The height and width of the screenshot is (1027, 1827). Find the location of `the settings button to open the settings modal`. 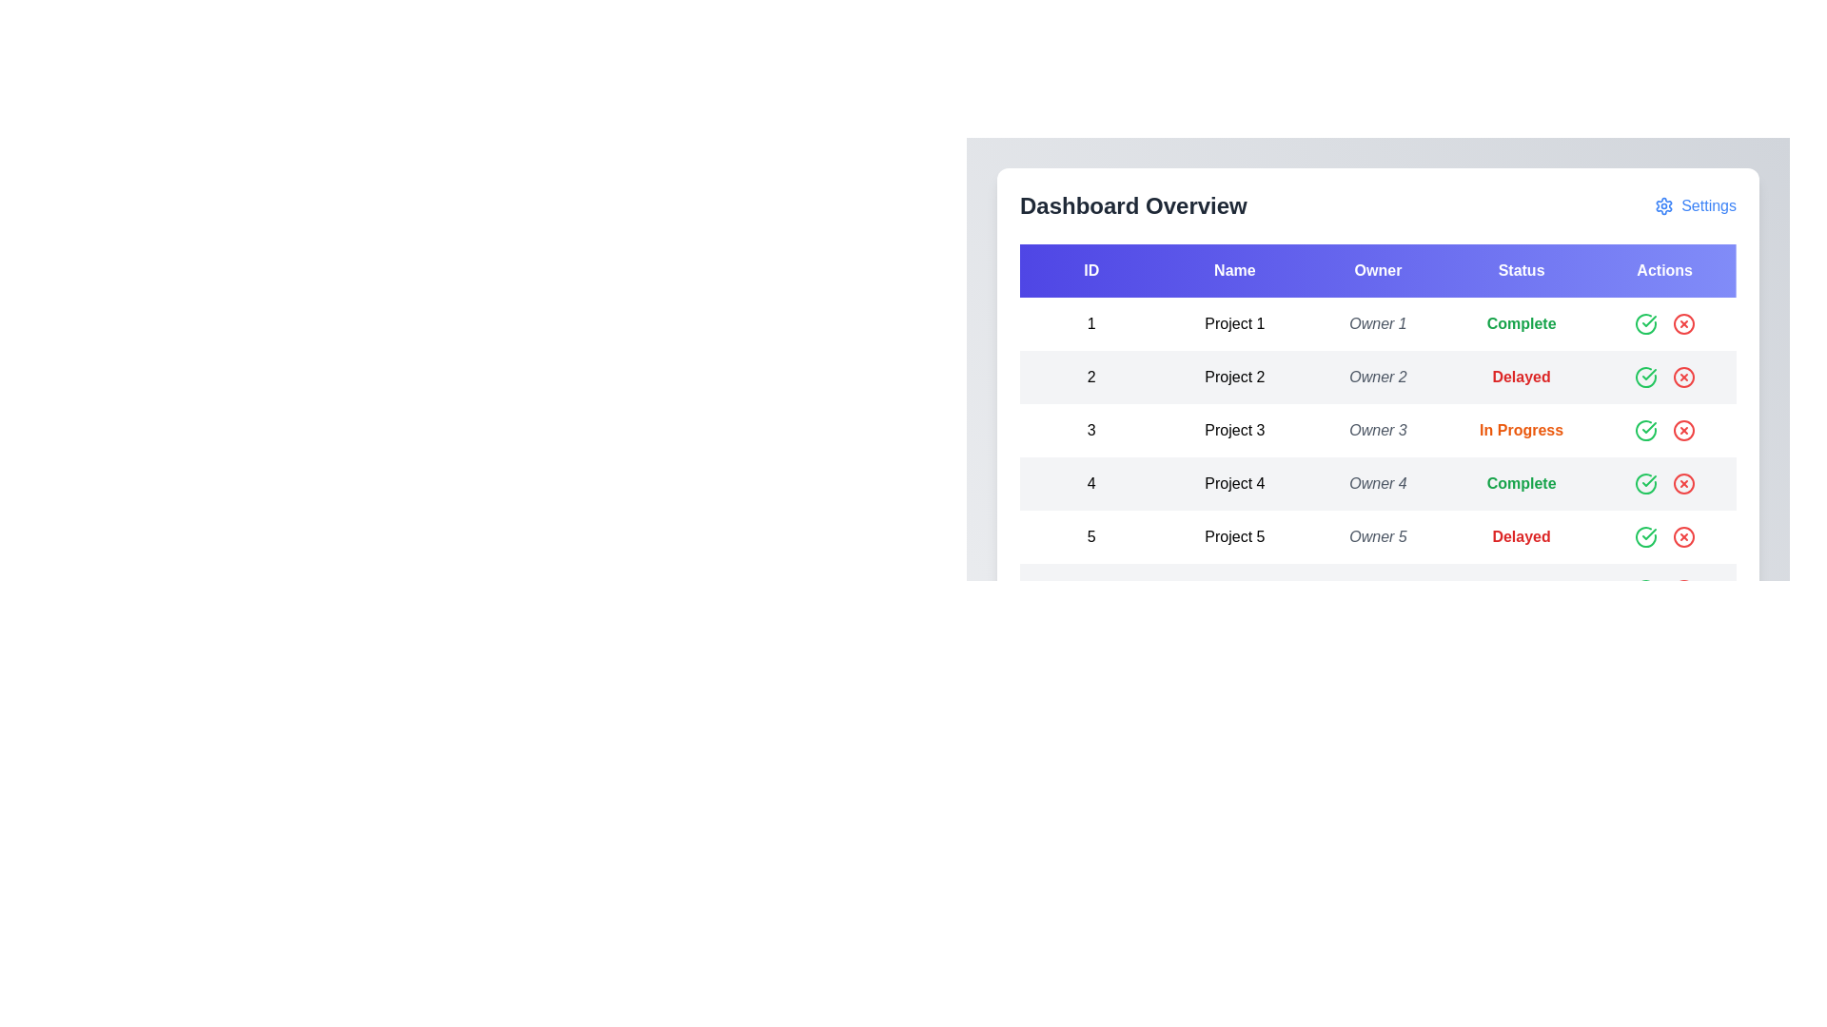

the settings button to open the settings modal is located at coordinates (1695, 205).